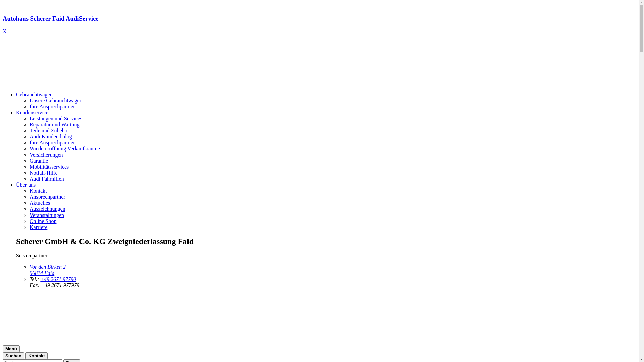  I want to click on 'Auszeichnungen', so click(47, 208).